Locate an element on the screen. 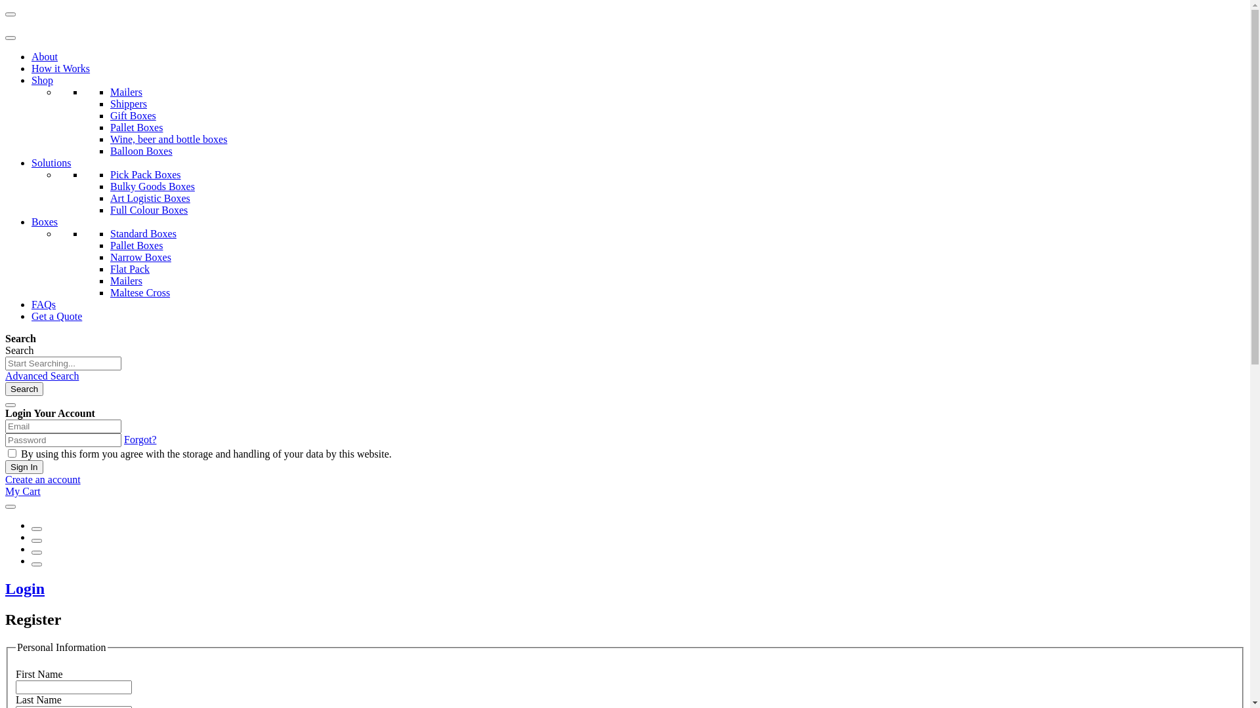 The image size is (1260, 708). 'Sign In' is located at coordinates (24, 466).